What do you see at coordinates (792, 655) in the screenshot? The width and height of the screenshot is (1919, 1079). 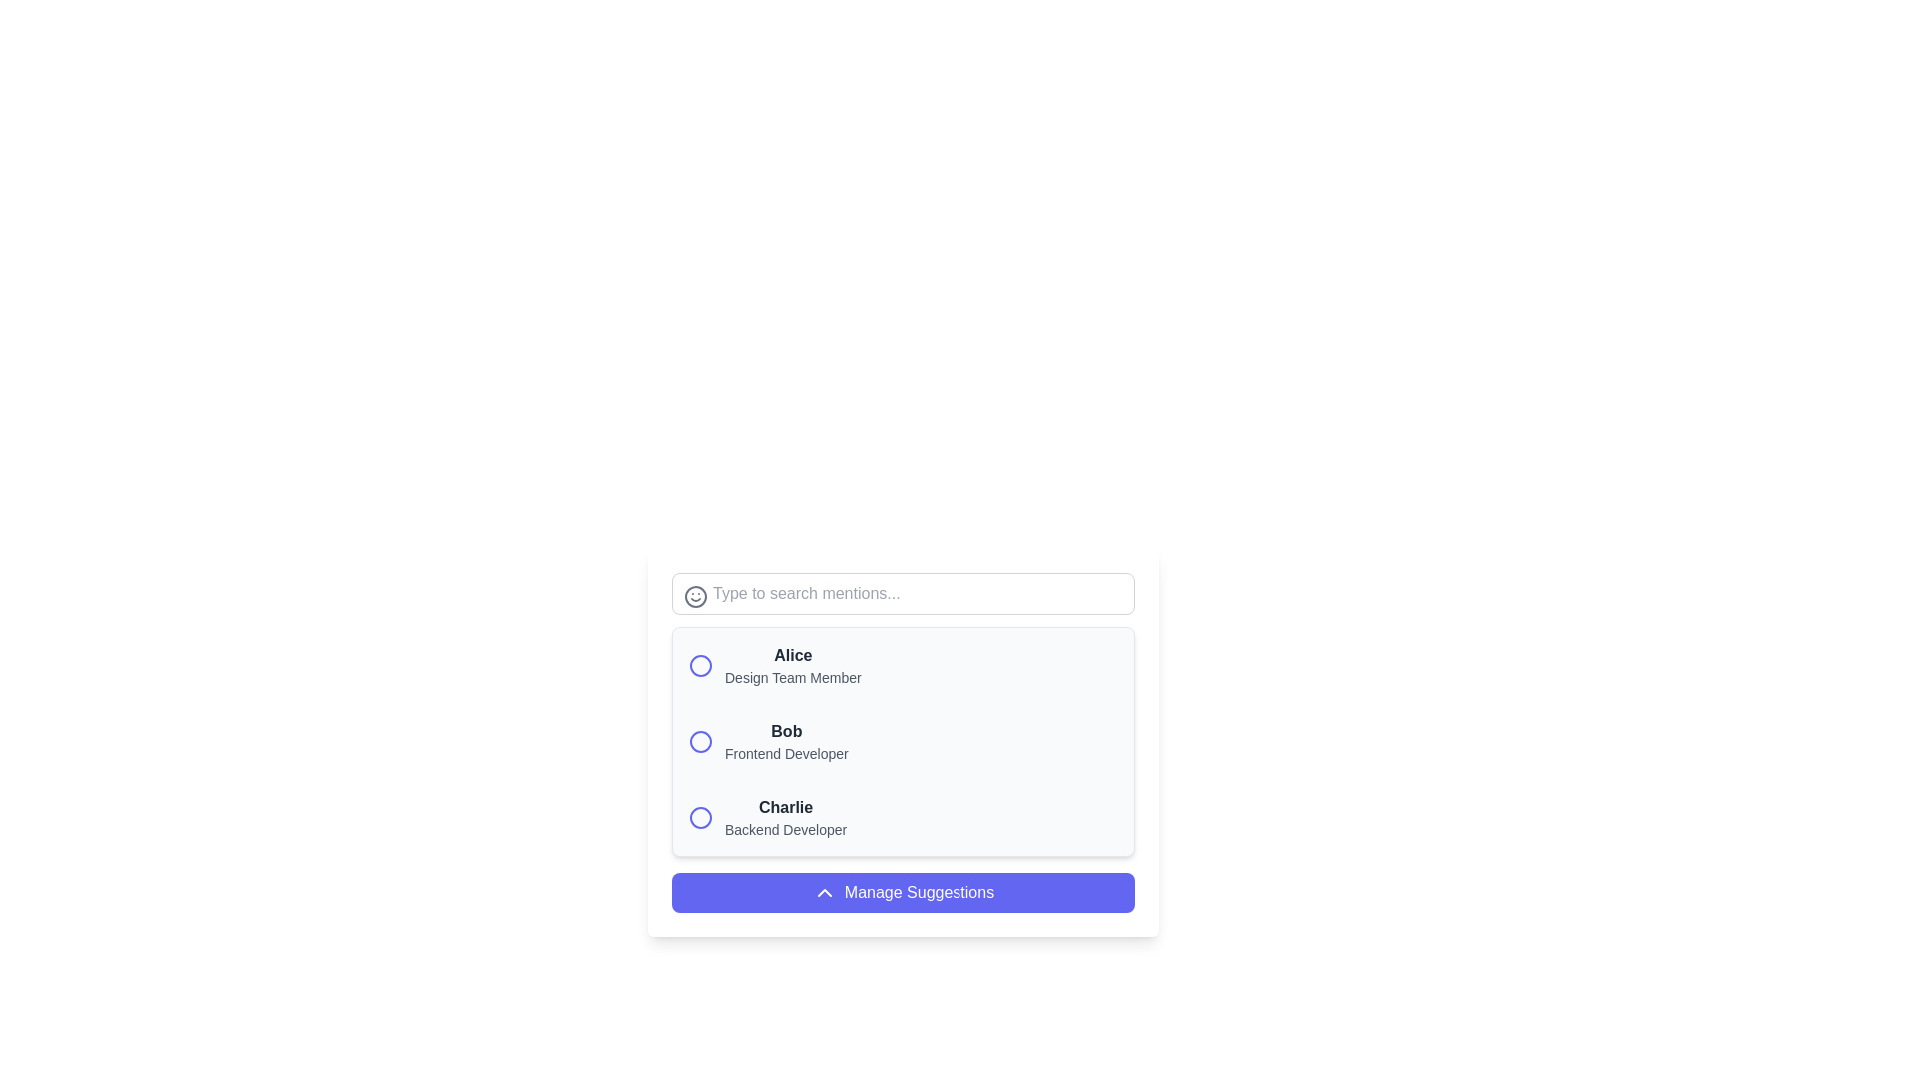 I see `text label displaying 'Alice' which is in bold dark gray font and located above the description 'Design Team Member' in a vertical list` at bounding box center [792, 655].